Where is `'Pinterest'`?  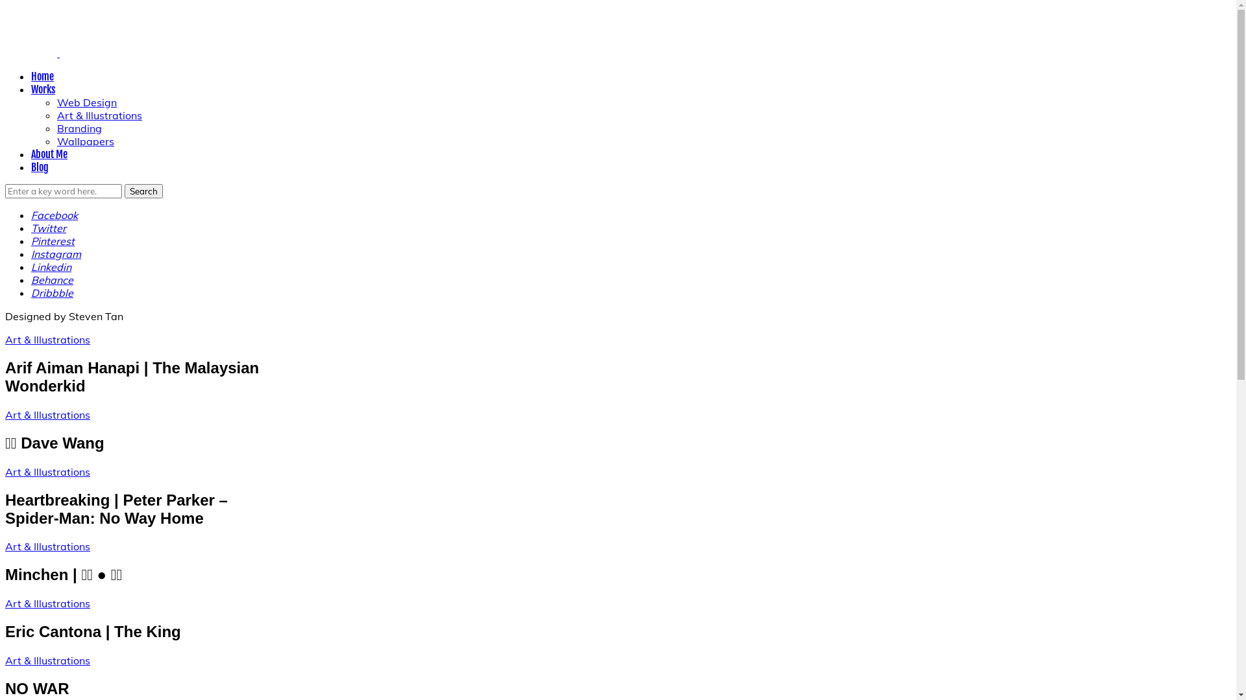
'Pinterest' is located at coordinates (52, 240).